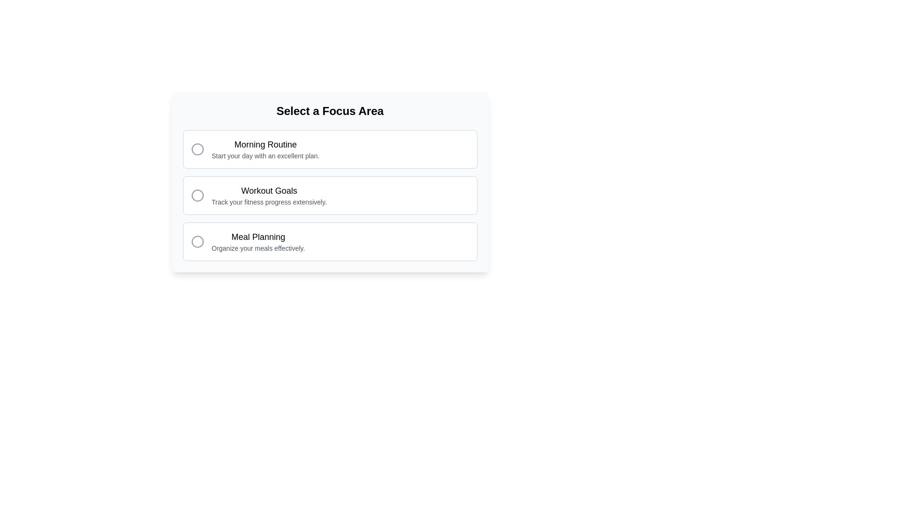 This screenshot has width=906, height=509. I want to click on the circular icon located to the left of the 'Morning Routine' text, which has a grayish hue and a thin border, so click(197, 148).